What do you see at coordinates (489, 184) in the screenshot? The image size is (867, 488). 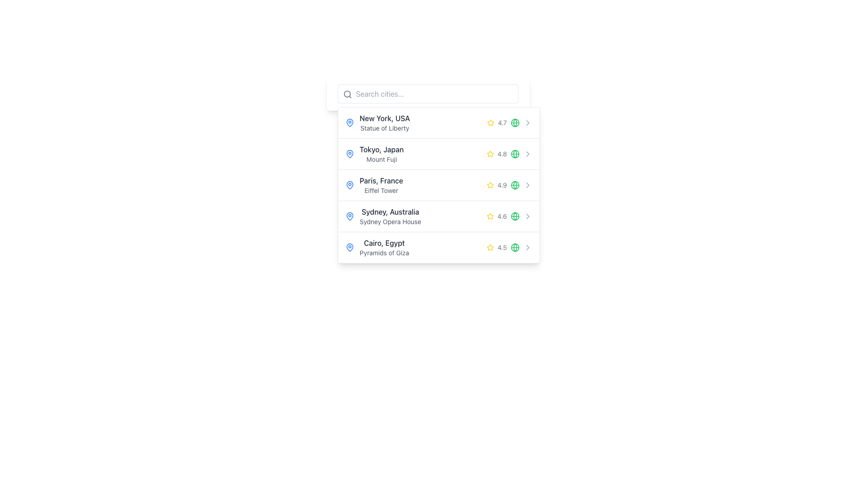 I see `the yellow star-shaped icon indicating a high rating next to the '4.9' rating text for 'Paris, France'` at bounding box center [489, 184].